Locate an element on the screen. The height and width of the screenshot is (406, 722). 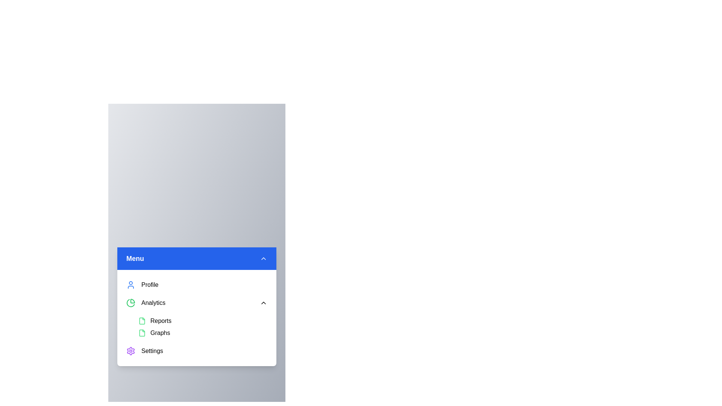
the 'Analytics' icon located in the vertical menu layout for accessibility navigation is located at coordinates (130, 303).